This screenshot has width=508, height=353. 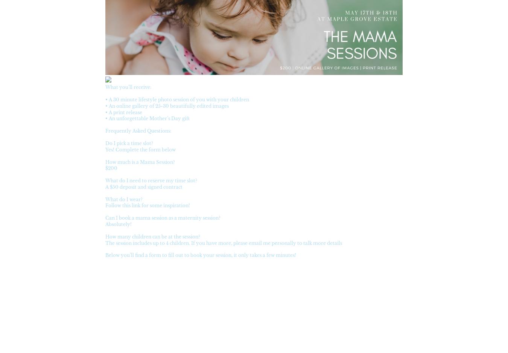 What do you see at coordinates (167, 105) in the screenshot?
I see `'• An online gallery of 25-30 beautifully edited images'` at bounding box center [167, 105].